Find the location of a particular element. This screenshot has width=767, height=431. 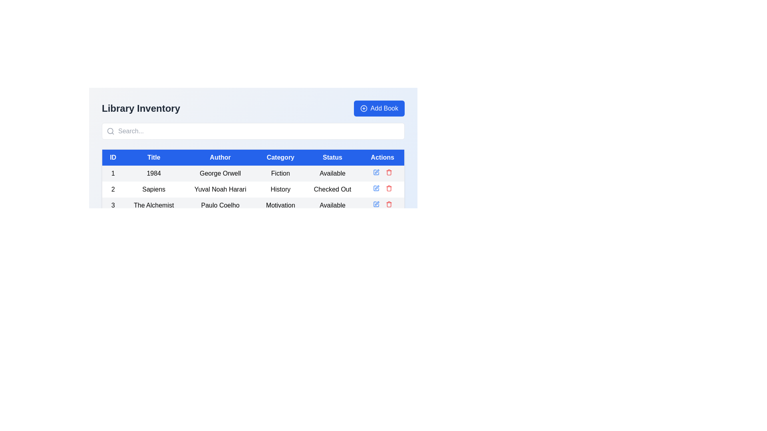

the edit icon located on the rightmost part of the row for 'The Alchemist' under the 'Actions' column of the 'Library Inventory' table is located at coordinates (376, 203).